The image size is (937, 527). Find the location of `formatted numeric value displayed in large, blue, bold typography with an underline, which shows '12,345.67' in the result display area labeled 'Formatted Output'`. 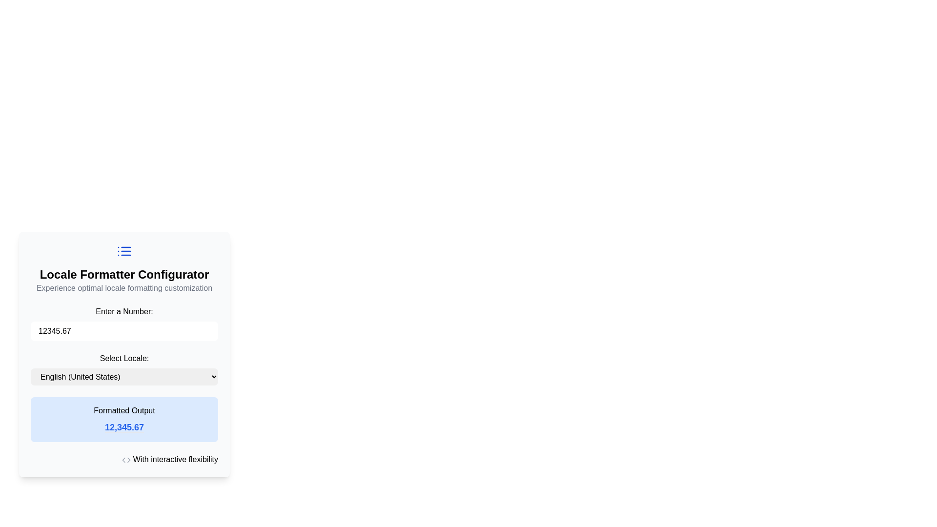

formatted numeric value displayed in large, blue, bold typography with an underline, which shows '12,345.67' in the result display area labeled 'Formatted Output' is located at coordinates (123, 427).